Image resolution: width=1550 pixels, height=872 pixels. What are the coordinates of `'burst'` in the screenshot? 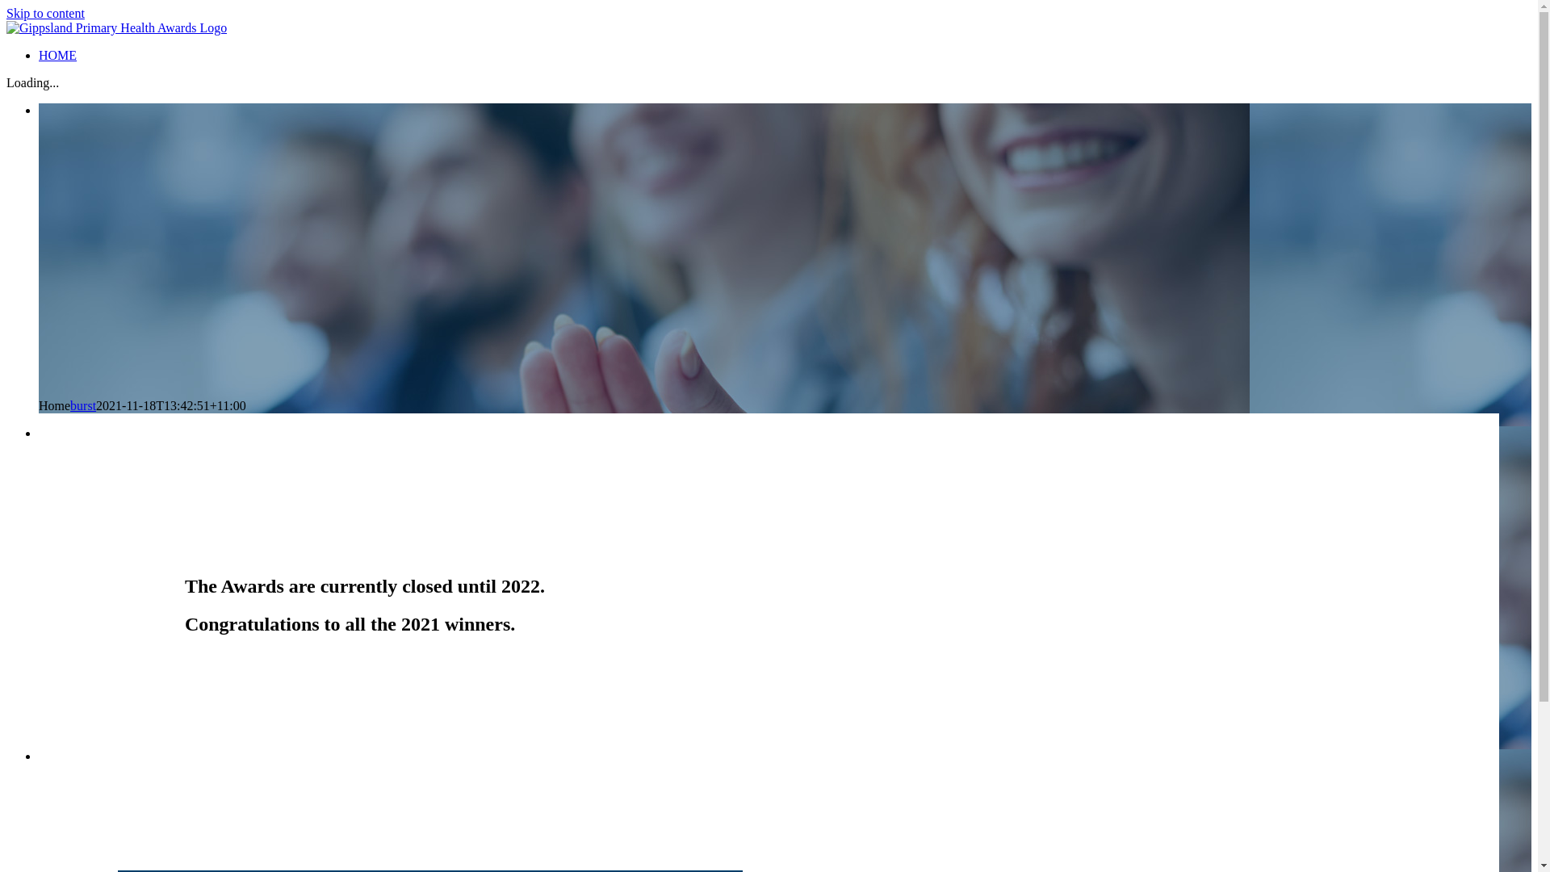 It's located at (82, 405).